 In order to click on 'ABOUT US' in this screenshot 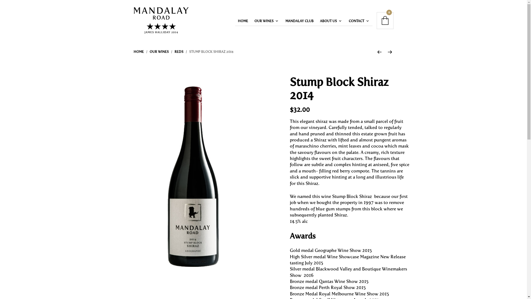, I will do `click(317, 21)`.